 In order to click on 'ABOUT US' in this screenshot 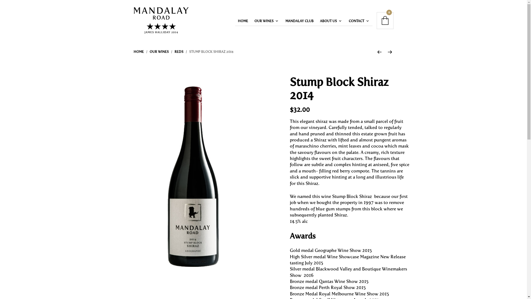, I will do `click(317, 21)`.